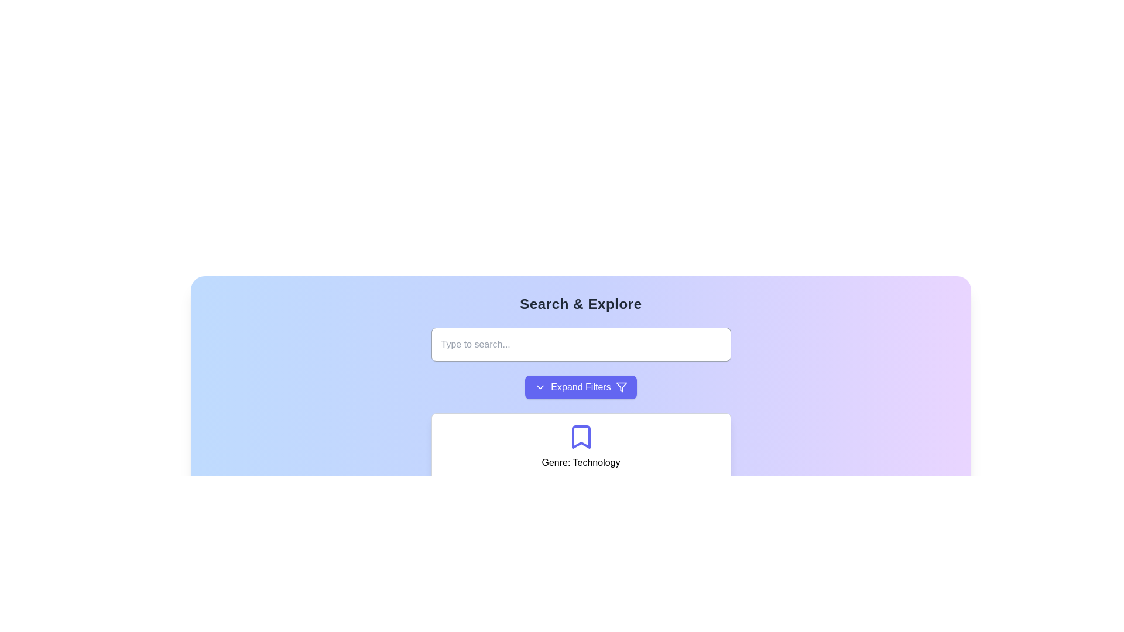 This screenshot has height=632, width=1124. I want to click on the rectangular blue 'Expand Filters' button with white text and icons, so click(581, 387).